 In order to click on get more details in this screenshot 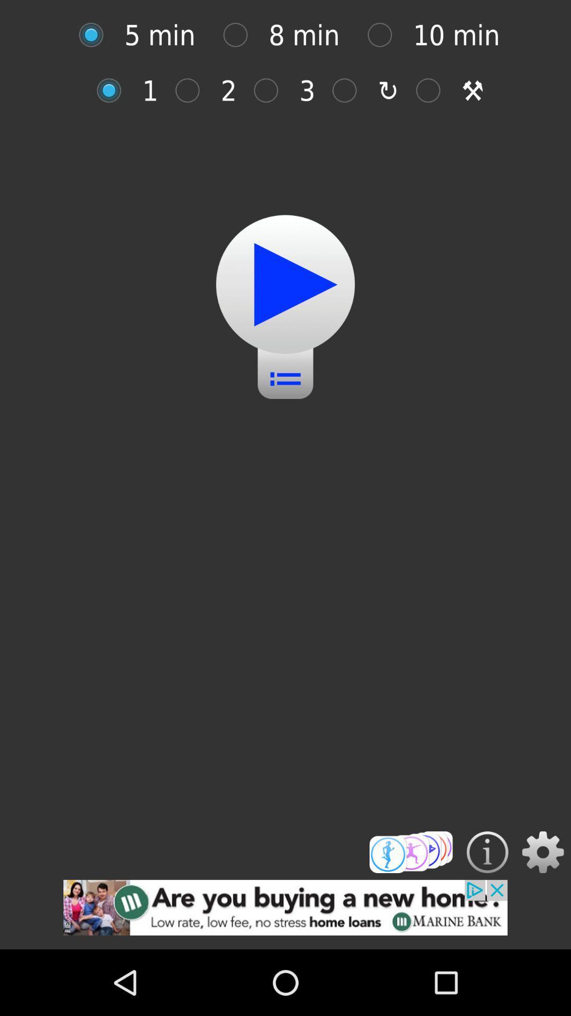, I will do `click(487, 852)`.